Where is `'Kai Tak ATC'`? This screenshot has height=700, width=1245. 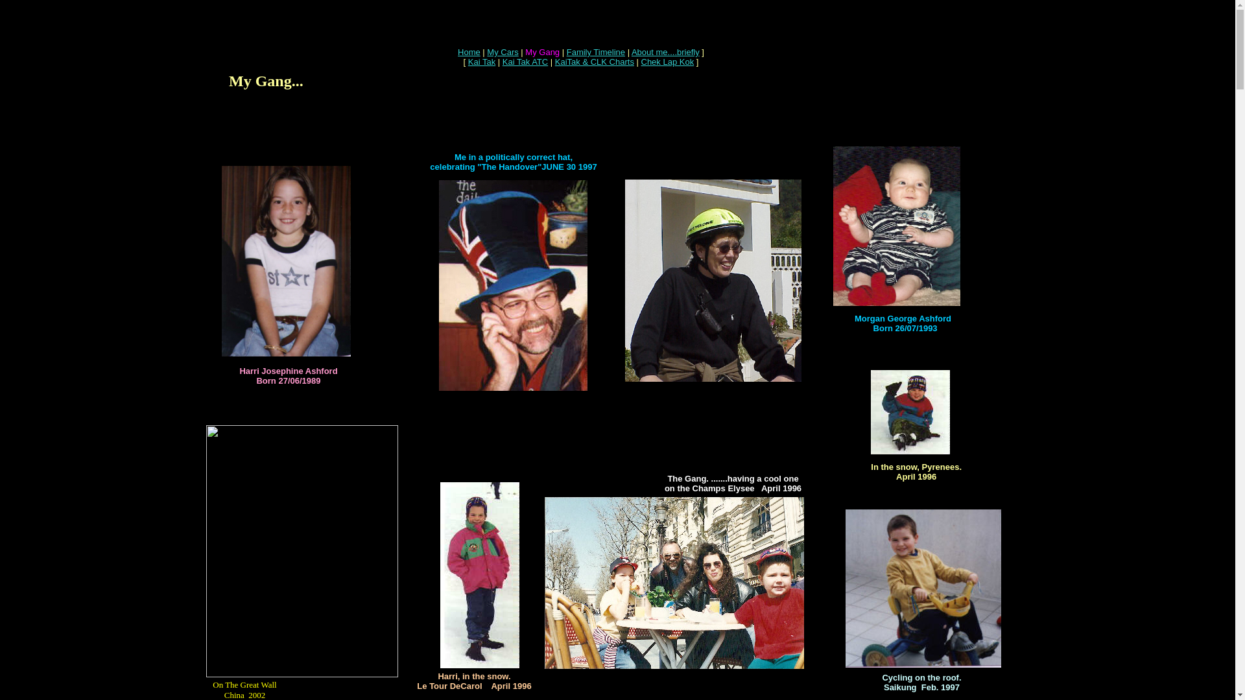 'Kai Tak ATC' is located at coordinates (525, 62).